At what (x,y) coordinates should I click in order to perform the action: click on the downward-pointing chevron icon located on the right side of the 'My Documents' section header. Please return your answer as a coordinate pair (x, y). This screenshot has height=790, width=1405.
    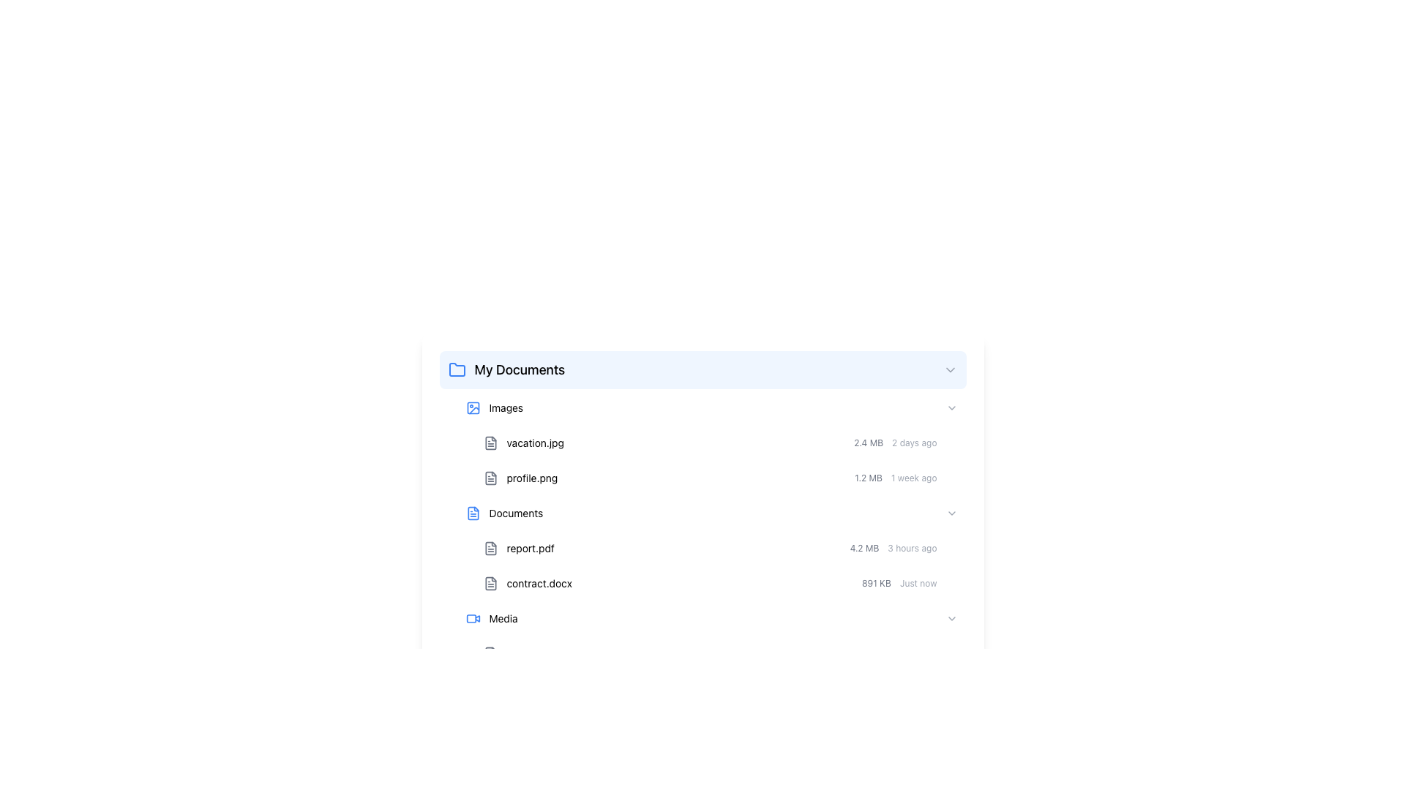
    Looking at the image, I should click on (950, 369).